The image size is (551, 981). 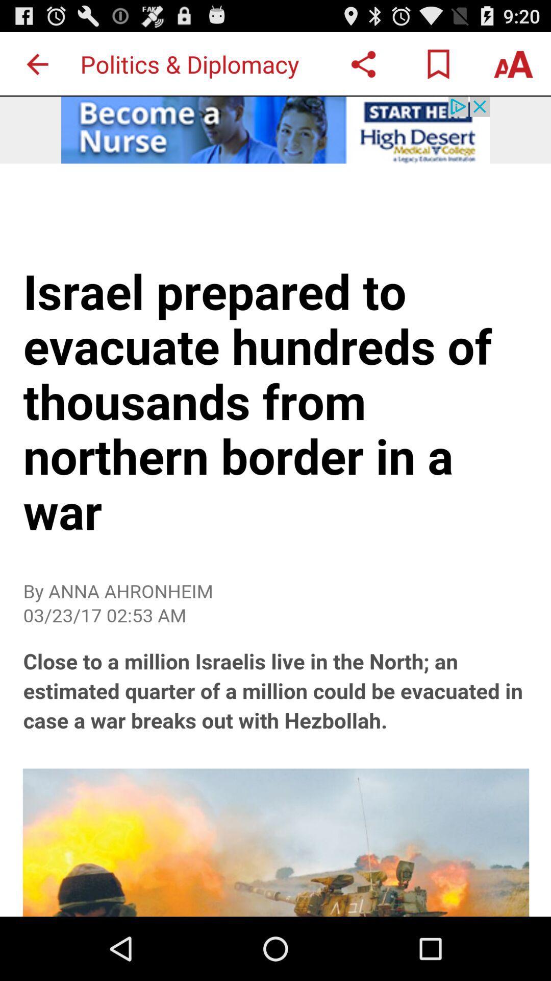 I want to click on advertisement, so click(x=275, y=572).